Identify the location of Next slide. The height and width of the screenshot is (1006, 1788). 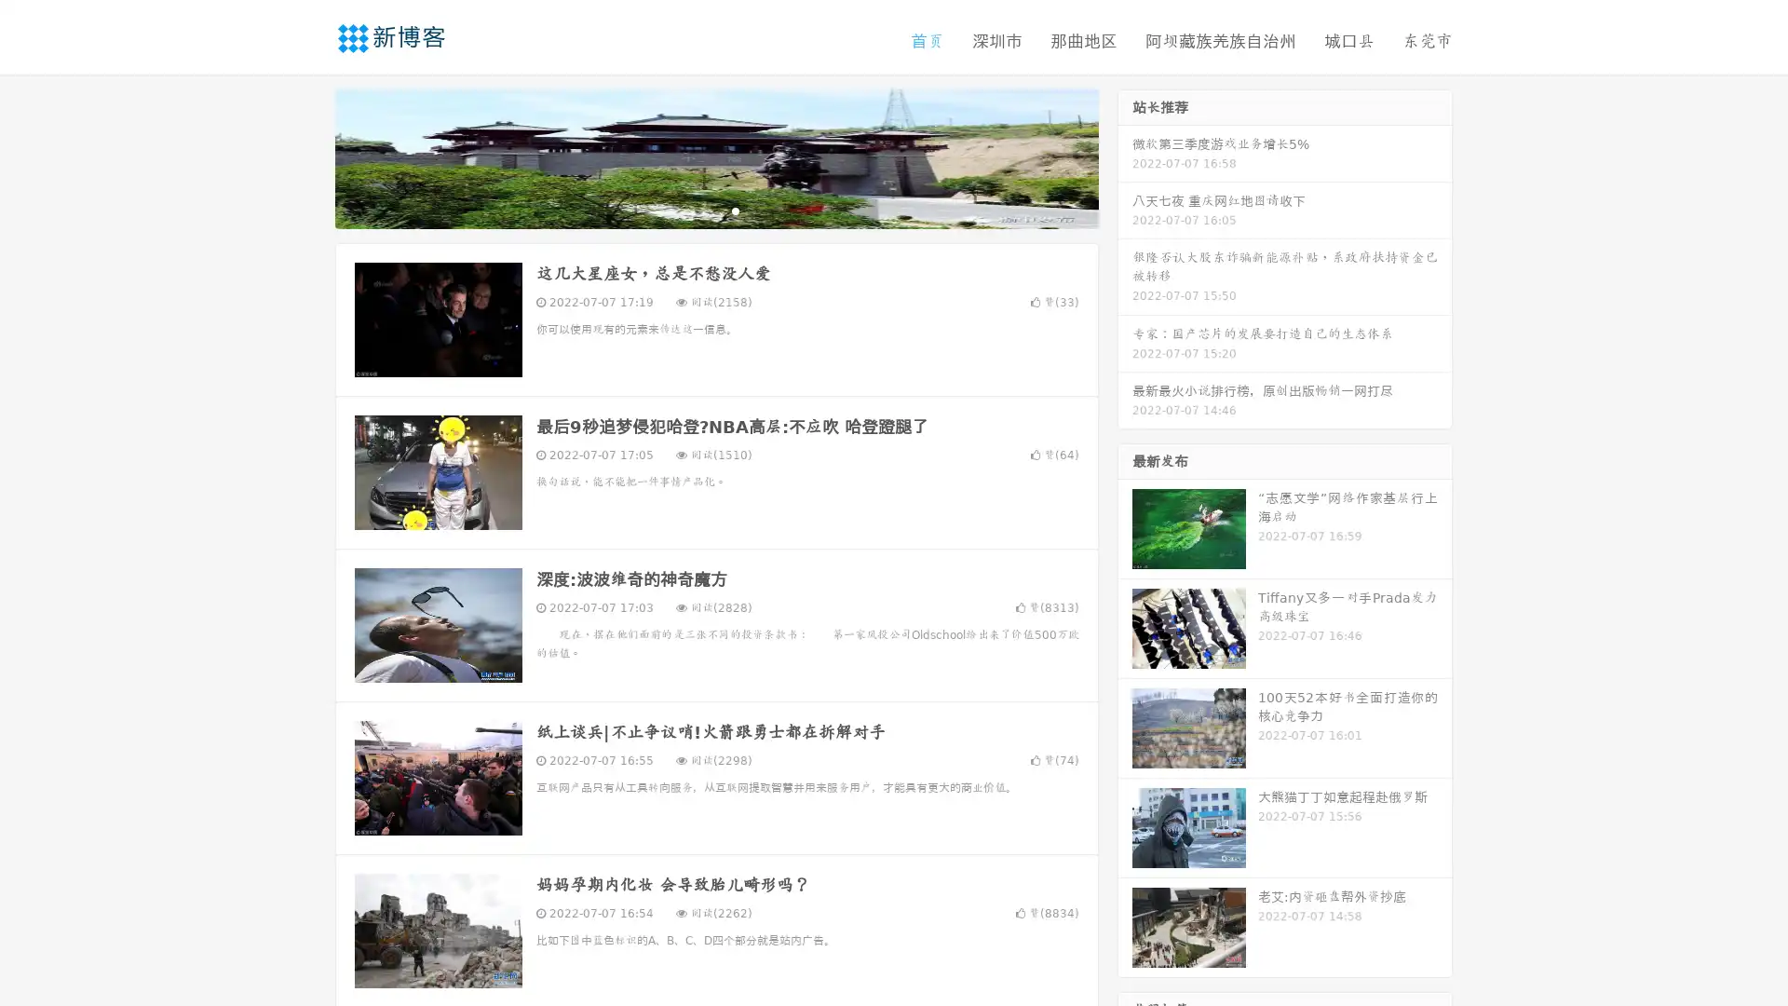
(1125, 156).